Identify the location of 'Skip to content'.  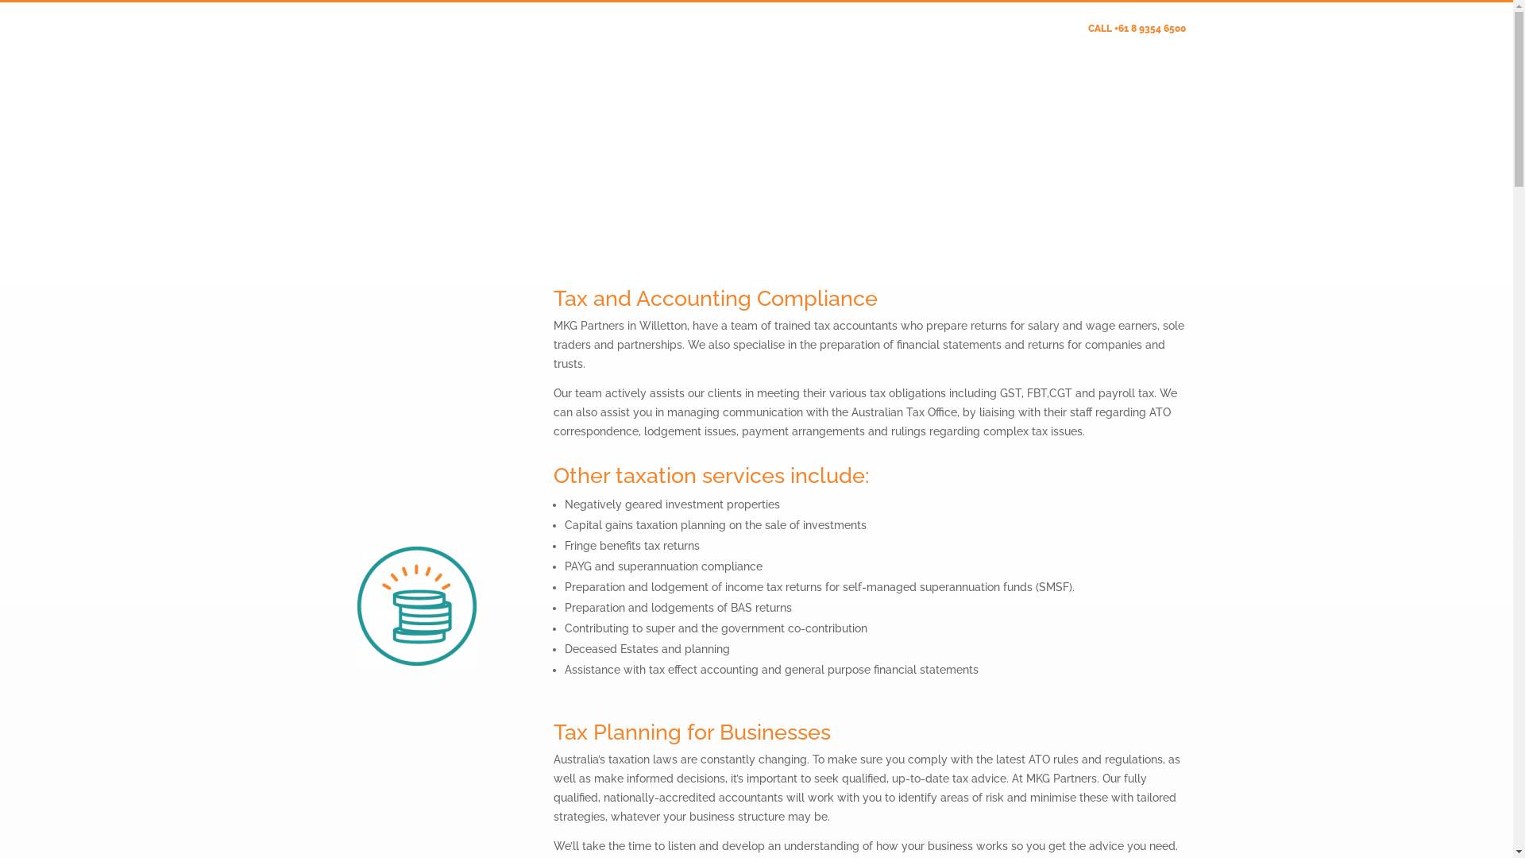
(0, 0).